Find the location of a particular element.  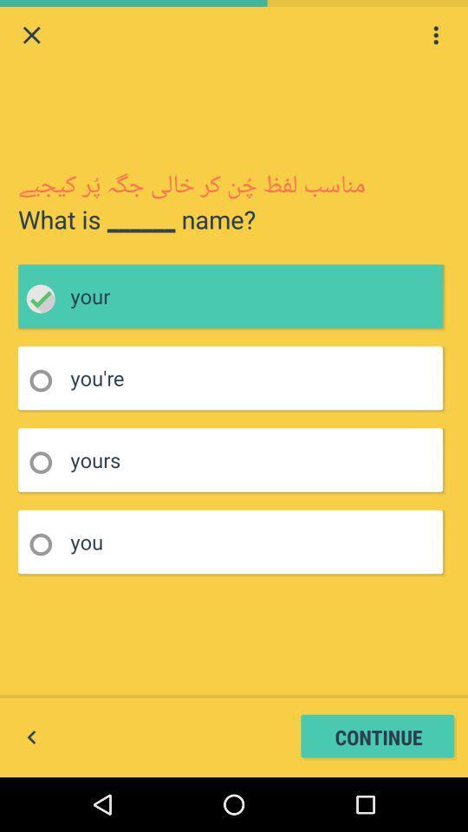

bookmark is located at coordinates (46, 543).